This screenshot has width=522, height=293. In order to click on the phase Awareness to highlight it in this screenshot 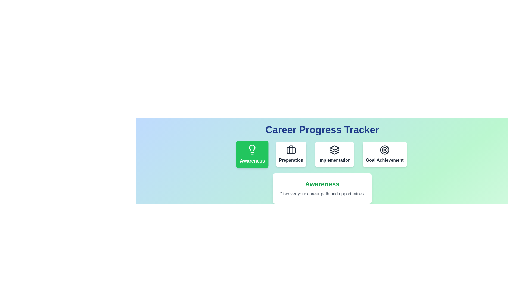, I will do `click(252, 154)`.